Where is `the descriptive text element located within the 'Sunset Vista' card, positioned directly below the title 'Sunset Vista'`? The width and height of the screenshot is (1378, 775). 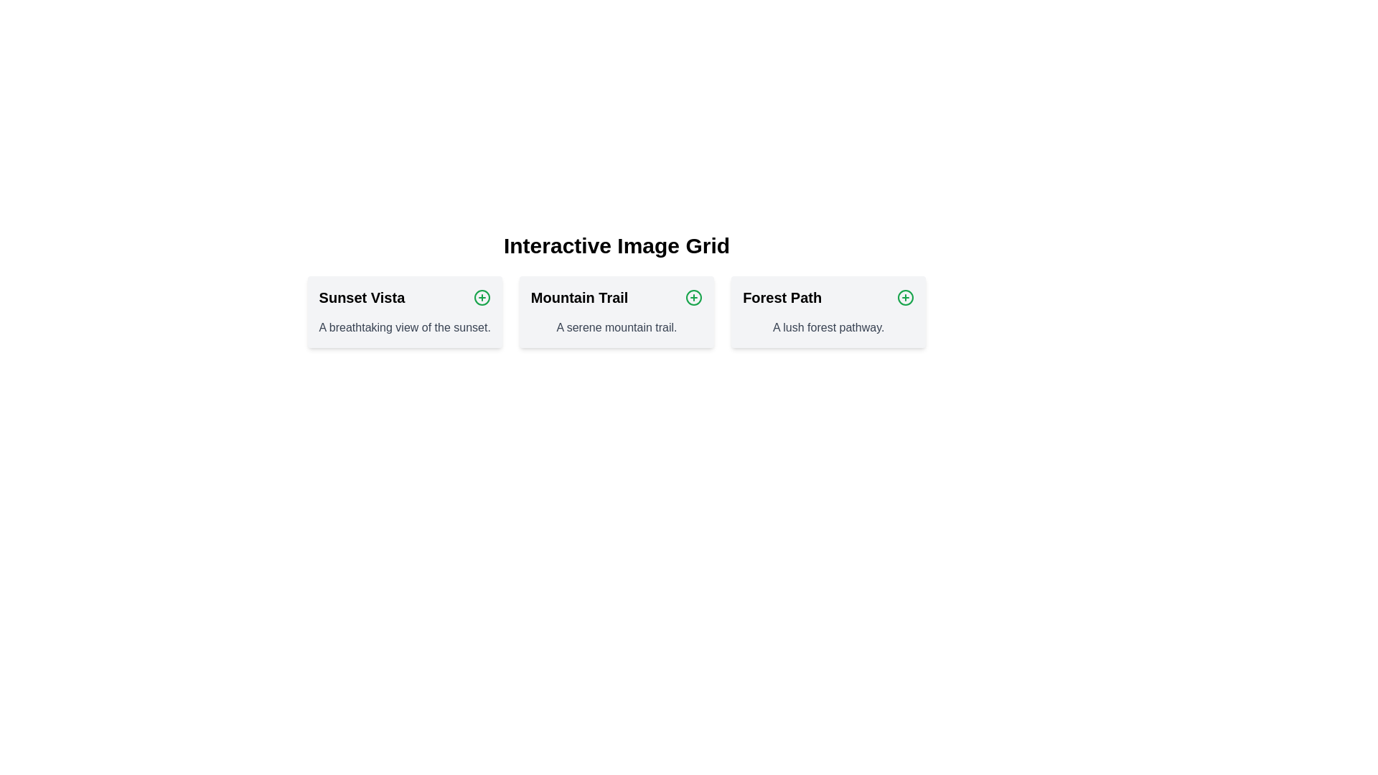
the descriptive text element located within the 'Sunset Vista' card, positioned directly below the title 'Sunset Vista' is located at coordinates (404, 327).